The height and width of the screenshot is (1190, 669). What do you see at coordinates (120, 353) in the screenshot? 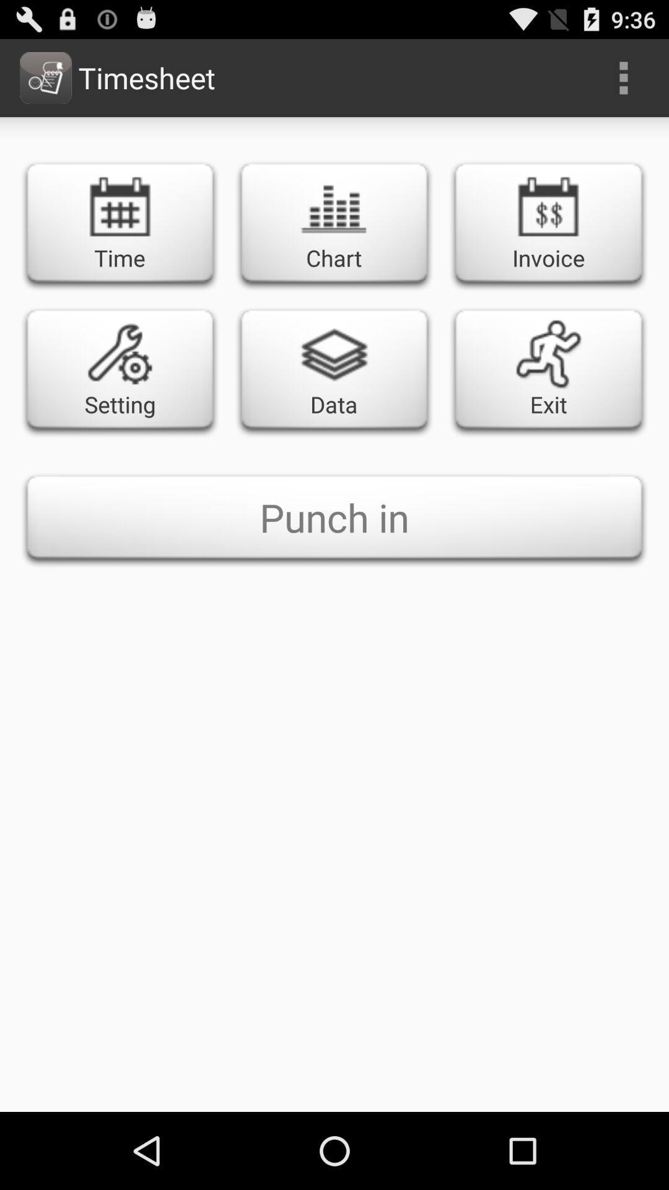
I see `image above setting` at bounding box center [120, 353].